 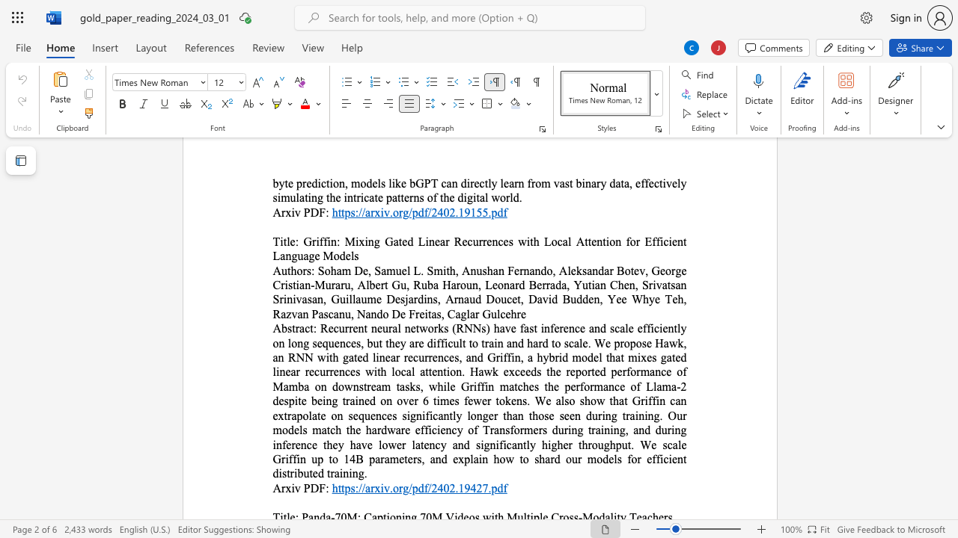 I want to click on the 2th character "2" in the text, so click(x=451, y=488).